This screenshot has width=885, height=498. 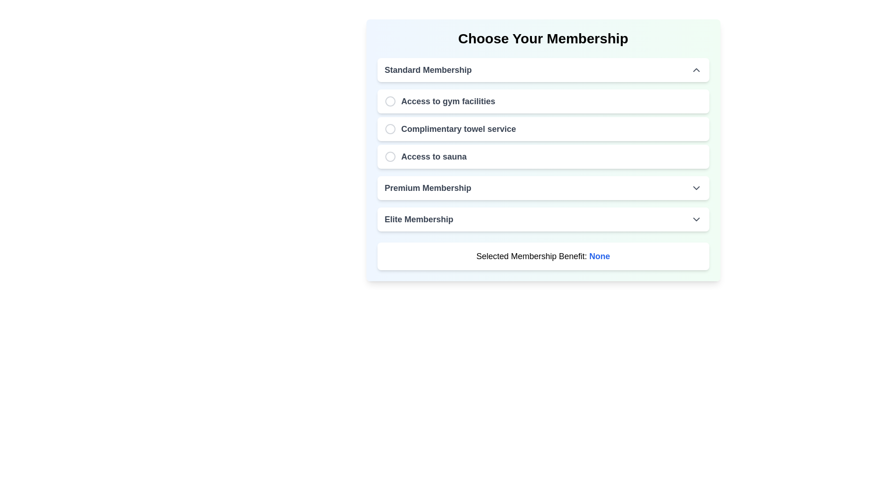 I want to click on the inactive radio button icon, so click(x=390, y=101).